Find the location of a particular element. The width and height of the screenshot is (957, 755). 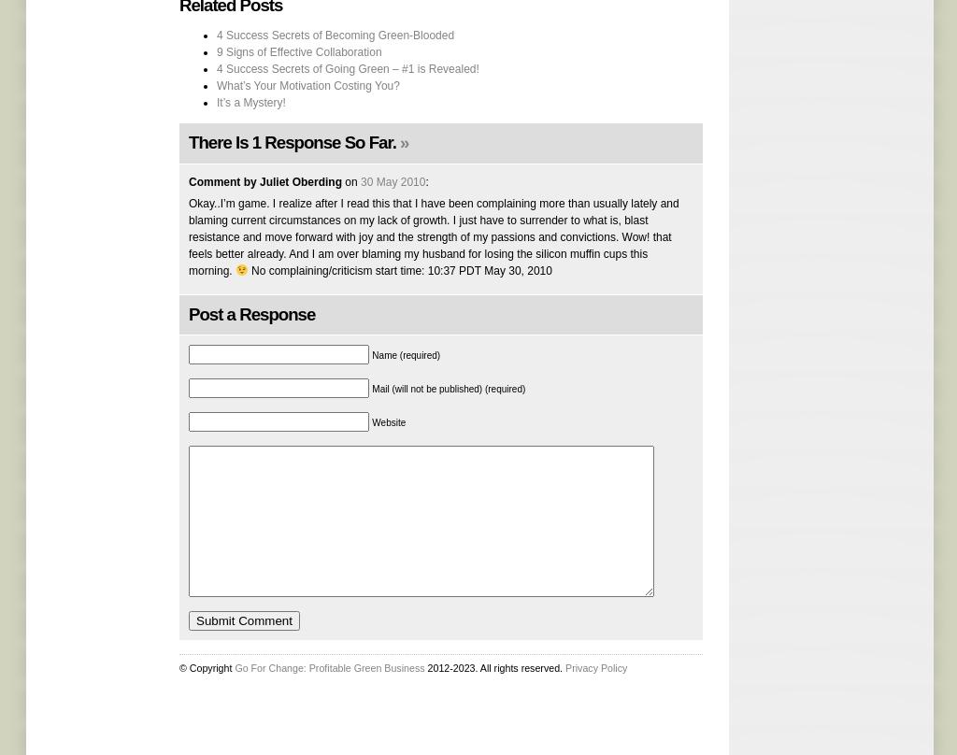

'It’s a Mystery!' is located at coordinates (250, 101).